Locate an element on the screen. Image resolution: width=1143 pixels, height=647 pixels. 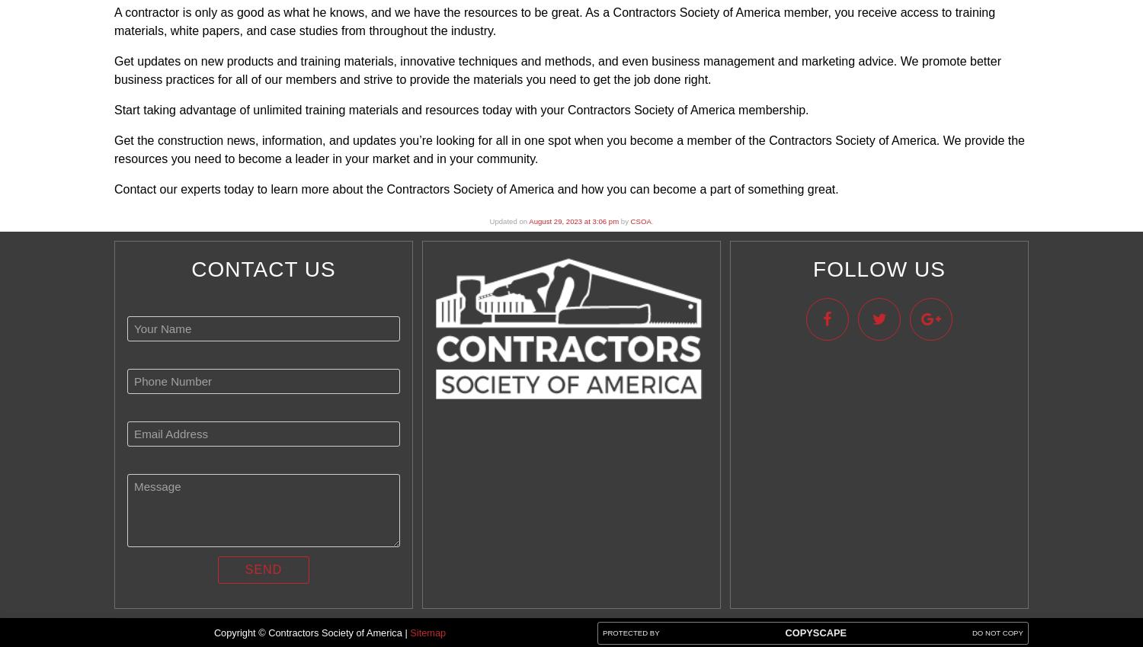
'Contractors Society of America |' is located at coordinates (338, 633).